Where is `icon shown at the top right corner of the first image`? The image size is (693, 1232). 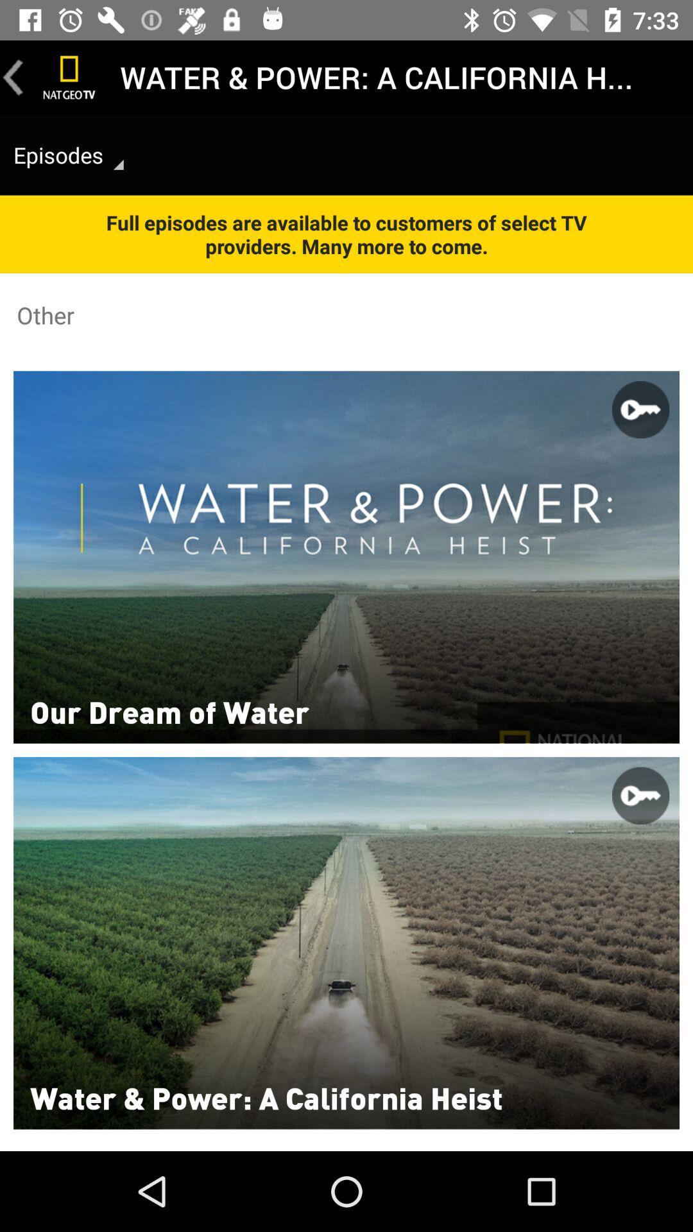
icon shown at the top right corner of the first image is located at coordinates (640, 409).